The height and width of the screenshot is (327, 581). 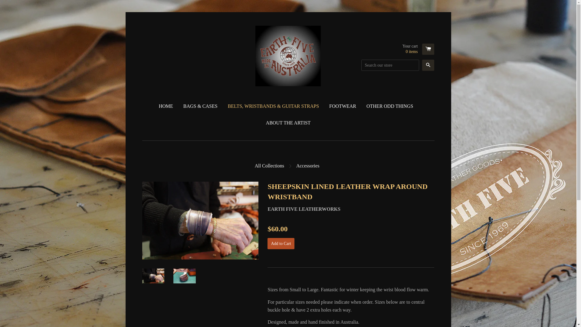 What do you see at coordinates (428, 65) in the screenshot?
I see `'Search'` at bounding box center [428, 65].